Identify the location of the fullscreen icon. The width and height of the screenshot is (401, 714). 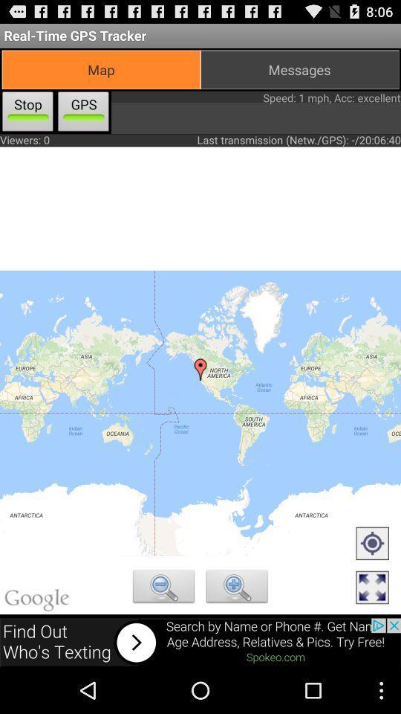
(371, 628).